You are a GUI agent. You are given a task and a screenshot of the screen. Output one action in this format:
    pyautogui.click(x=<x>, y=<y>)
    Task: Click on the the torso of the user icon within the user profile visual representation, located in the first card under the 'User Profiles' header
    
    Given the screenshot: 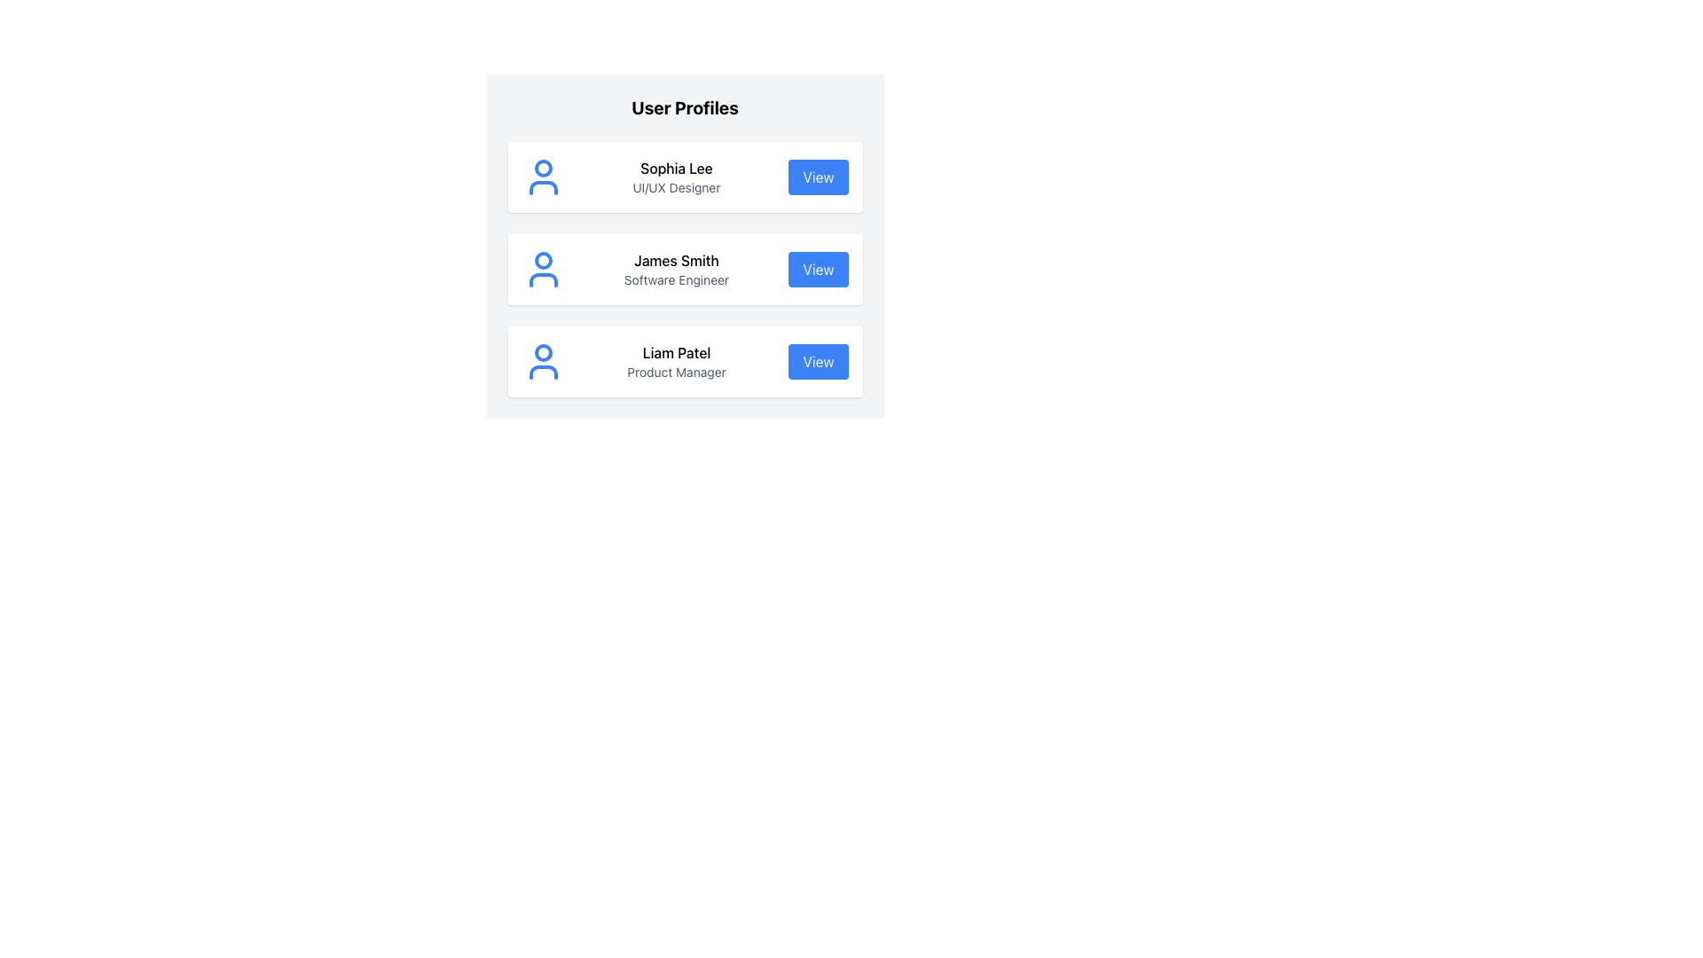 What is the action you would take?
    pyautogui.click(x=542, y=188)
    